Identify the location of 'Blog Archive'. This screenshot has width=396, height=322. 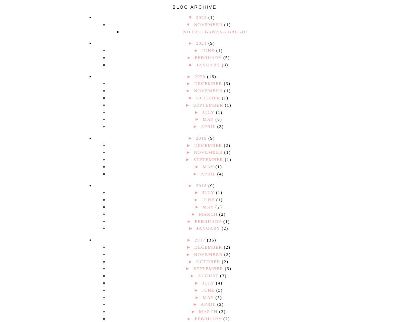
(172, 6).